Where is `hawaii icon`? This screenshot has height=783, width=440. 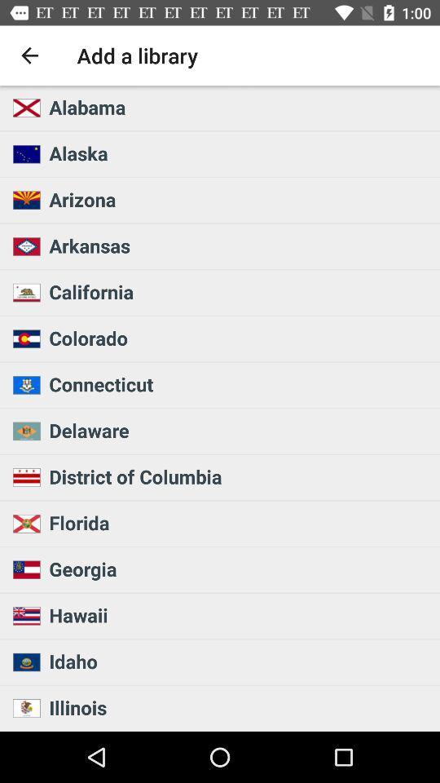 hawaii icon is located at coordinates (239, 614).